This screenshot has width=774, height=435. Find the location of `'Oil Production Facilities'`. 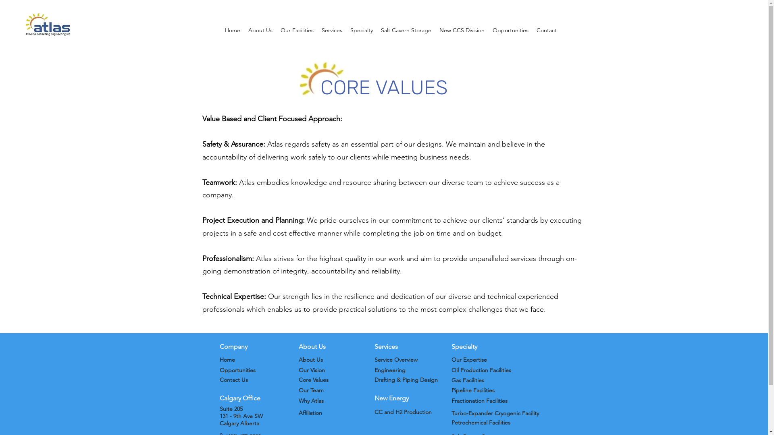

'Oil Production Facilities' is located at coordinates (481, 370).